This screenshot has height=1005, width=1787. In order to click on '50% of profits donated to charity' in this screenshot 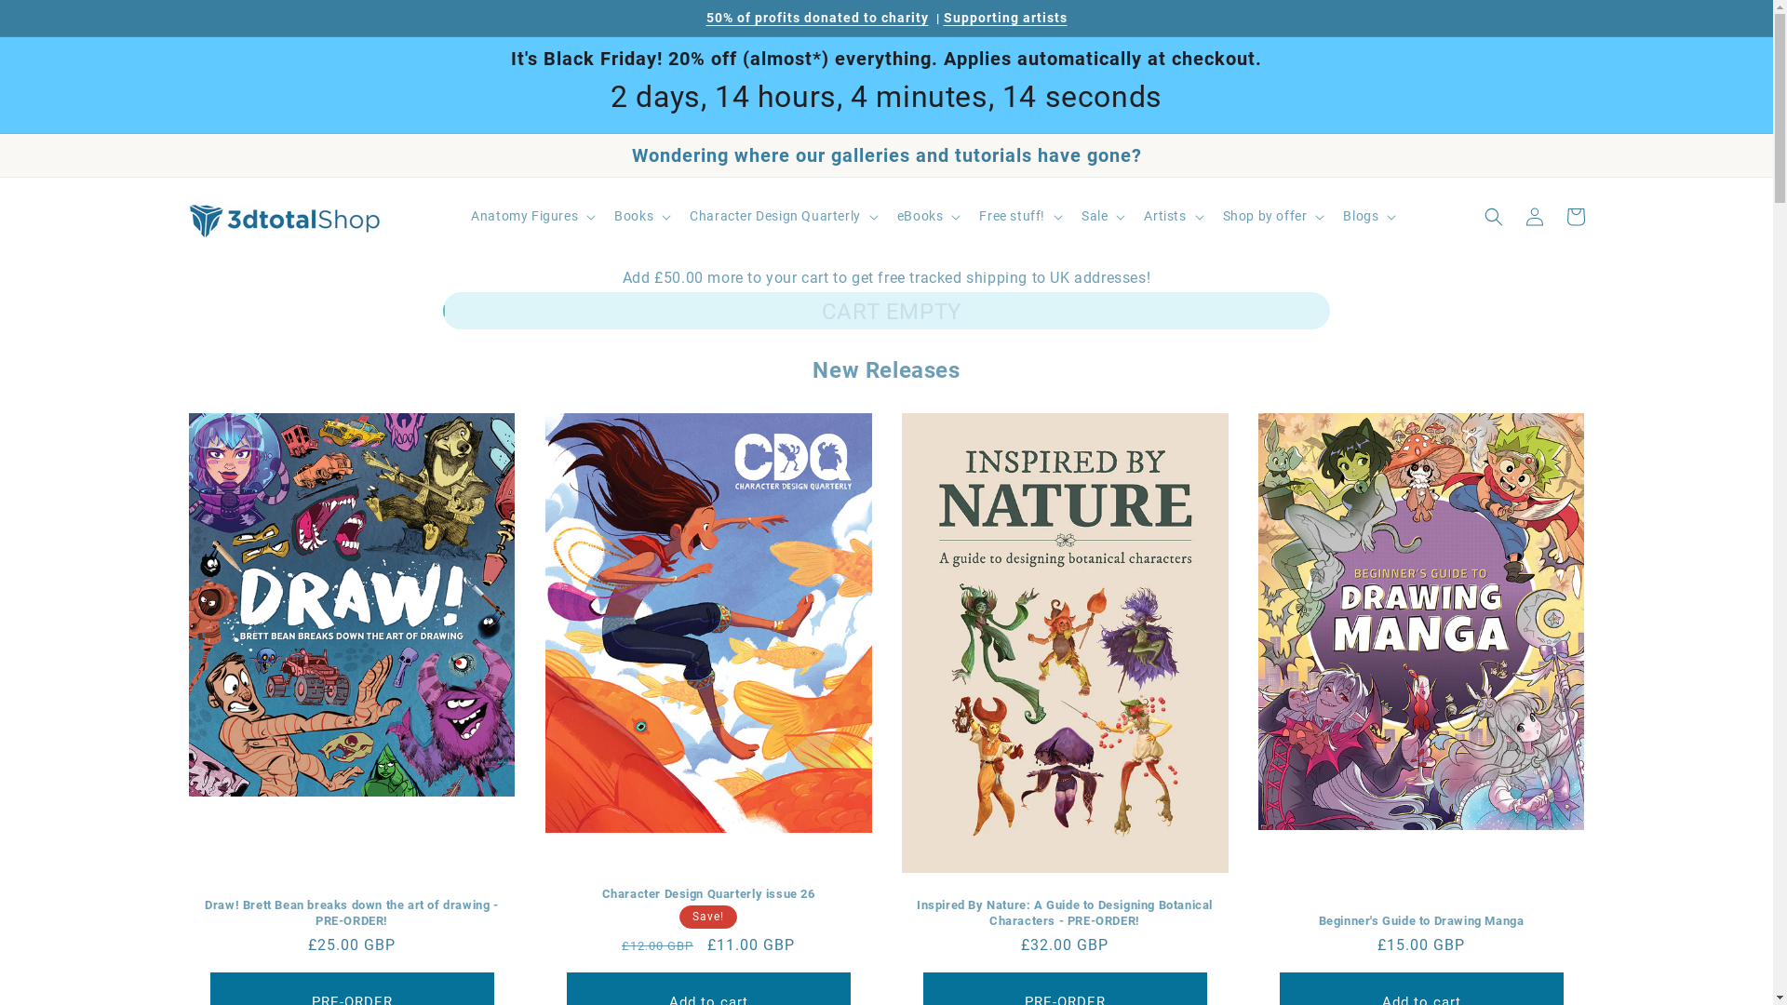, I will do `click(705, 18)`.